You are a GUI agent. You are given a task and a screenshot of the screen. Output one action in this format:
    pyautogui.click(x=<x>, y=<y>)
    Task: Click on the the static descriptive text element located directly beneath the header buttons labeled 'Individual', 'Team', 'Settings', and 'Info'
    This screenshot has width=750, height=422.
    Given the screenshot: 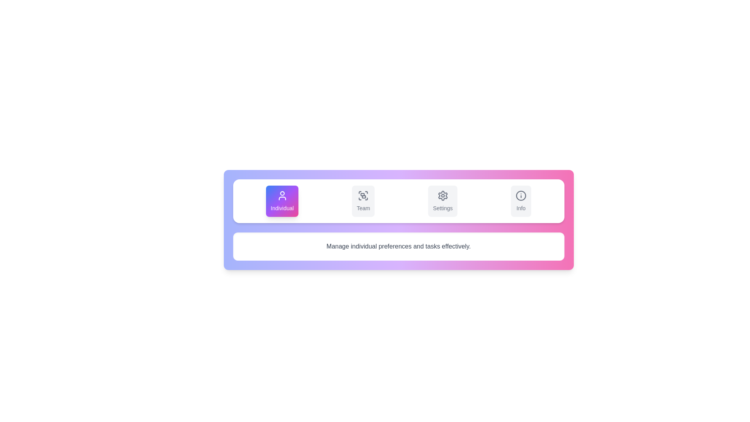 What is the action you would take?
    pyautogui.click(x=398, y=247)
    